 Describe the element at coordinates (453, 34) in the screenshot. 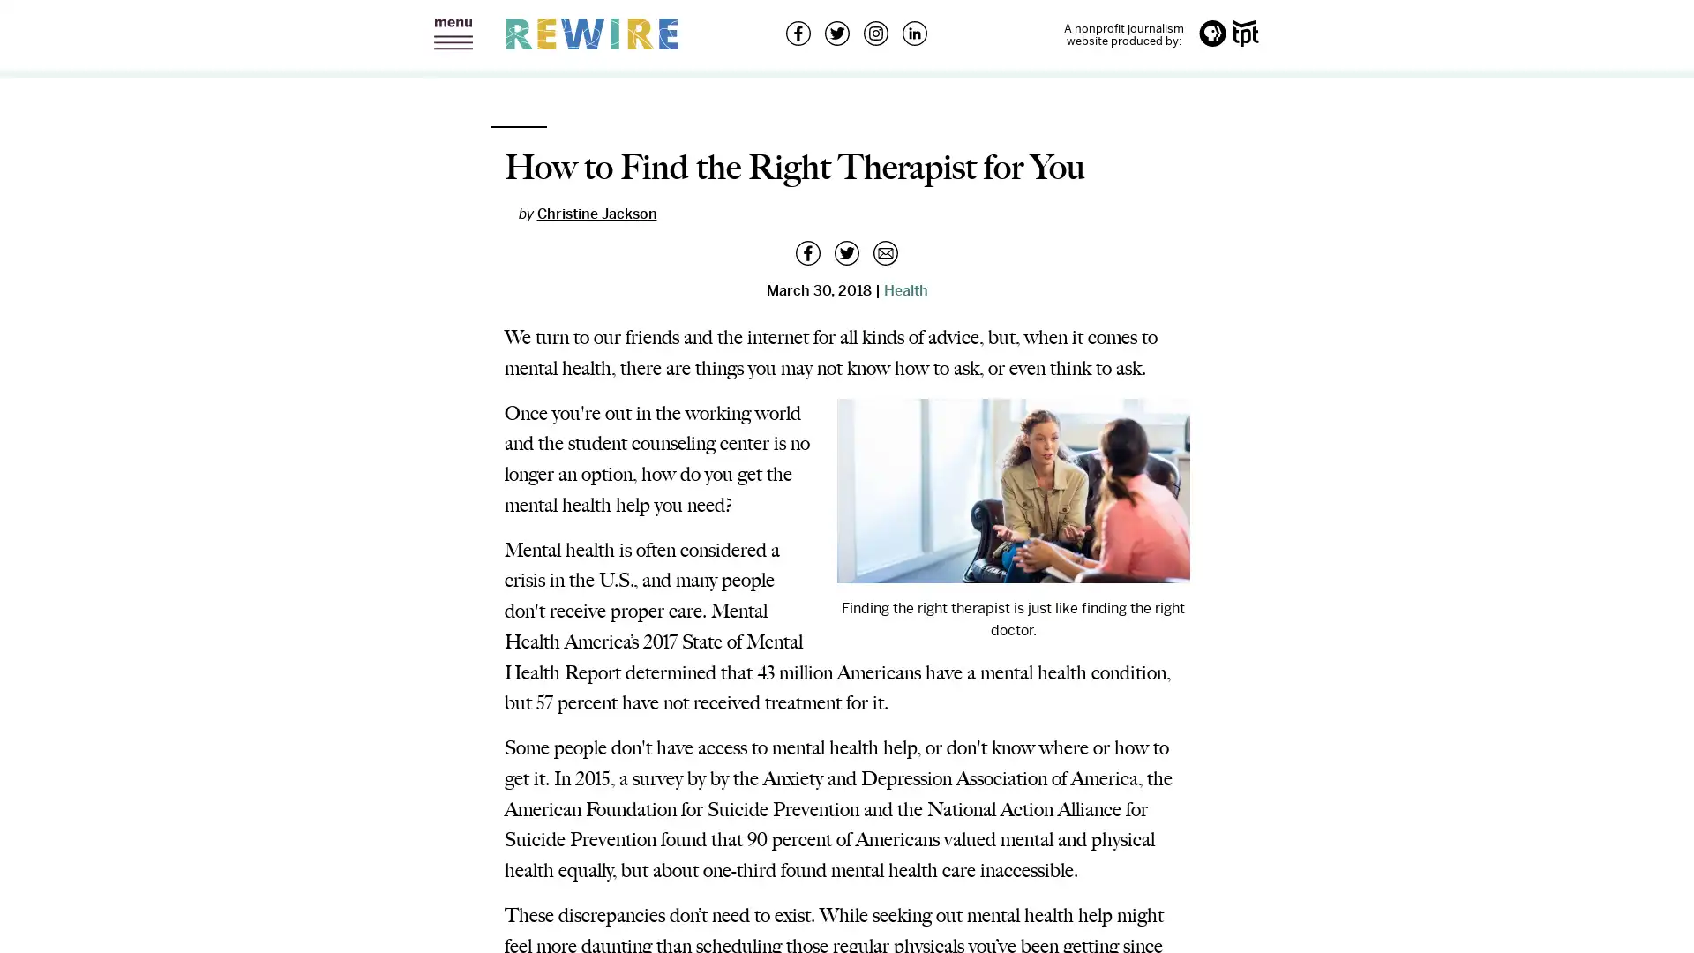

I see `Main Navigation Menu` at that location.